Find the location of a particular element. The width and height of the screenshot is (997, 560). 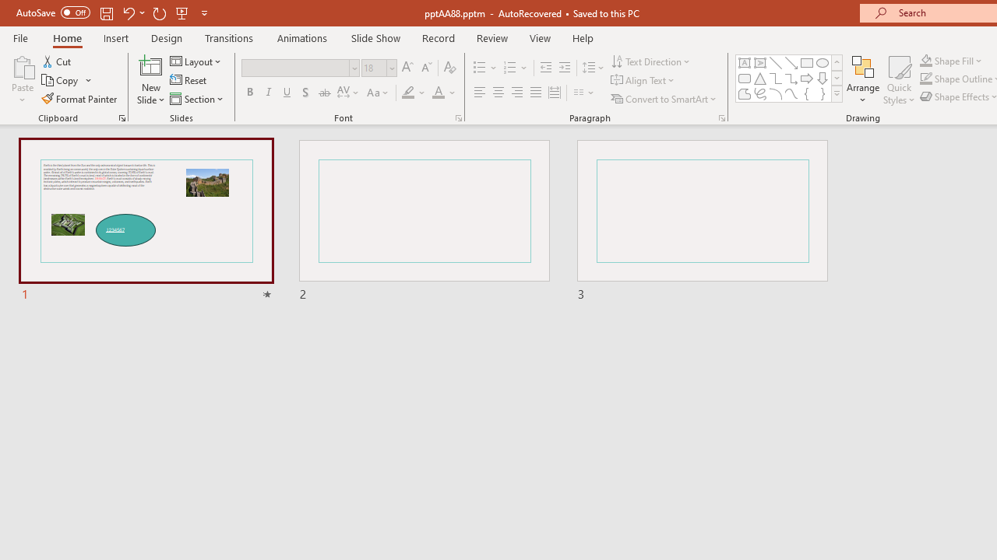

'Character Spacing' is located at coordinates (348, 93).